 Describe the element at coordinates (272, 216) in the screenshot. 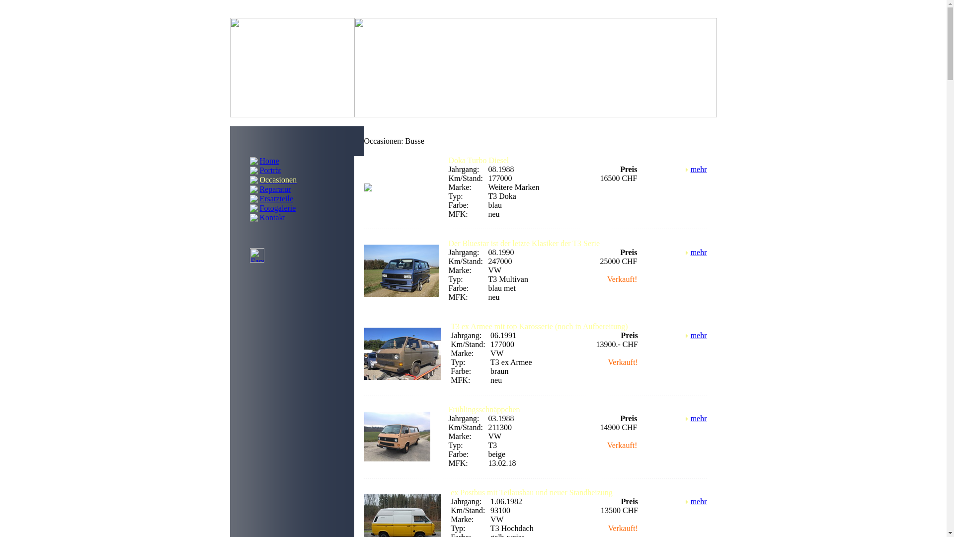

I see `'Kontakt'` at that location.